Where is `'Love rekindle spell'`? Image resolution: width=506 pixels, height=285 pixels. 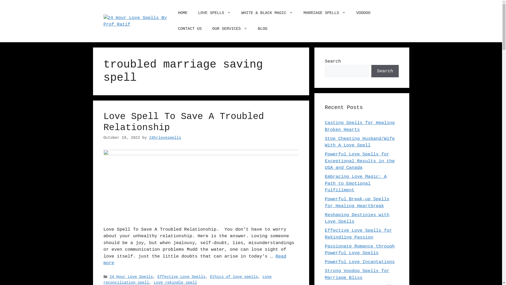
'Love rekindle spell' is located at coordinates (175, 282).